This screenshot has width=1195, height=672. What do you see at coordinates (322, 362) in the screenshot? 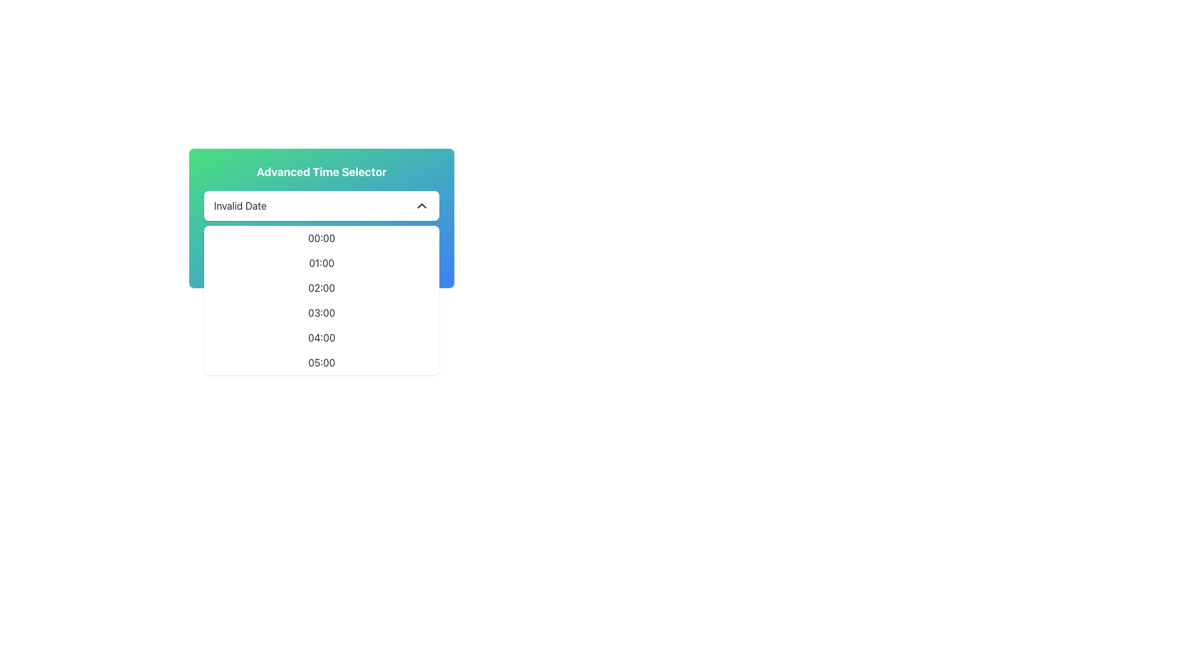
I see `the sixth item in the dropdown list of time options` at bounding box center [322, 362].